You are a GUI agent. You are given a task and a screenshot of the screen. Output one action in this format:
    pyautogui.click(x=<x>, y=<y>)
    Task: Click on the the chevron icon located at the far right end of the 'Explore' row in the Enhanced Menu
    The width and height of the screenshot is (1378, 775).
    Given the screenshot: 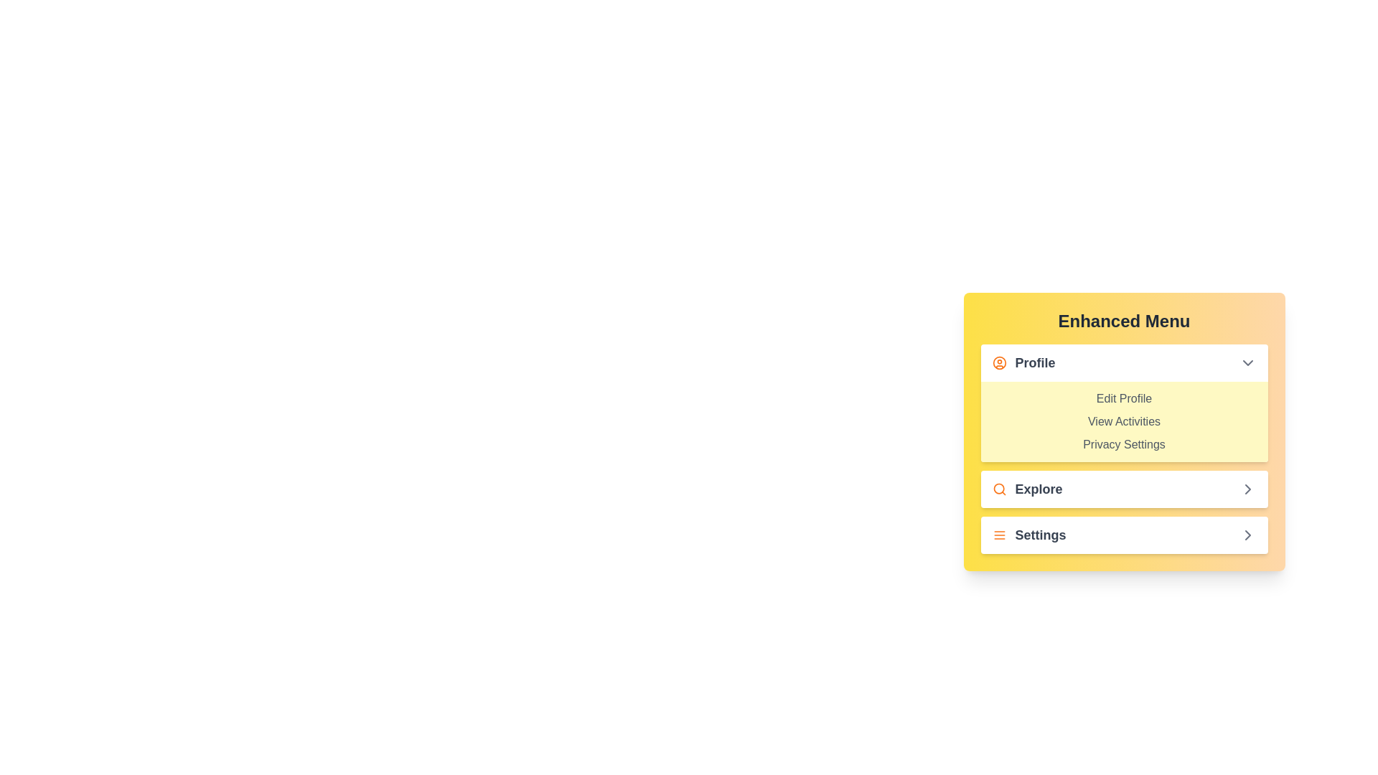 What is the action you would take?
    pyautogui.click(x=1247, y=489)
    